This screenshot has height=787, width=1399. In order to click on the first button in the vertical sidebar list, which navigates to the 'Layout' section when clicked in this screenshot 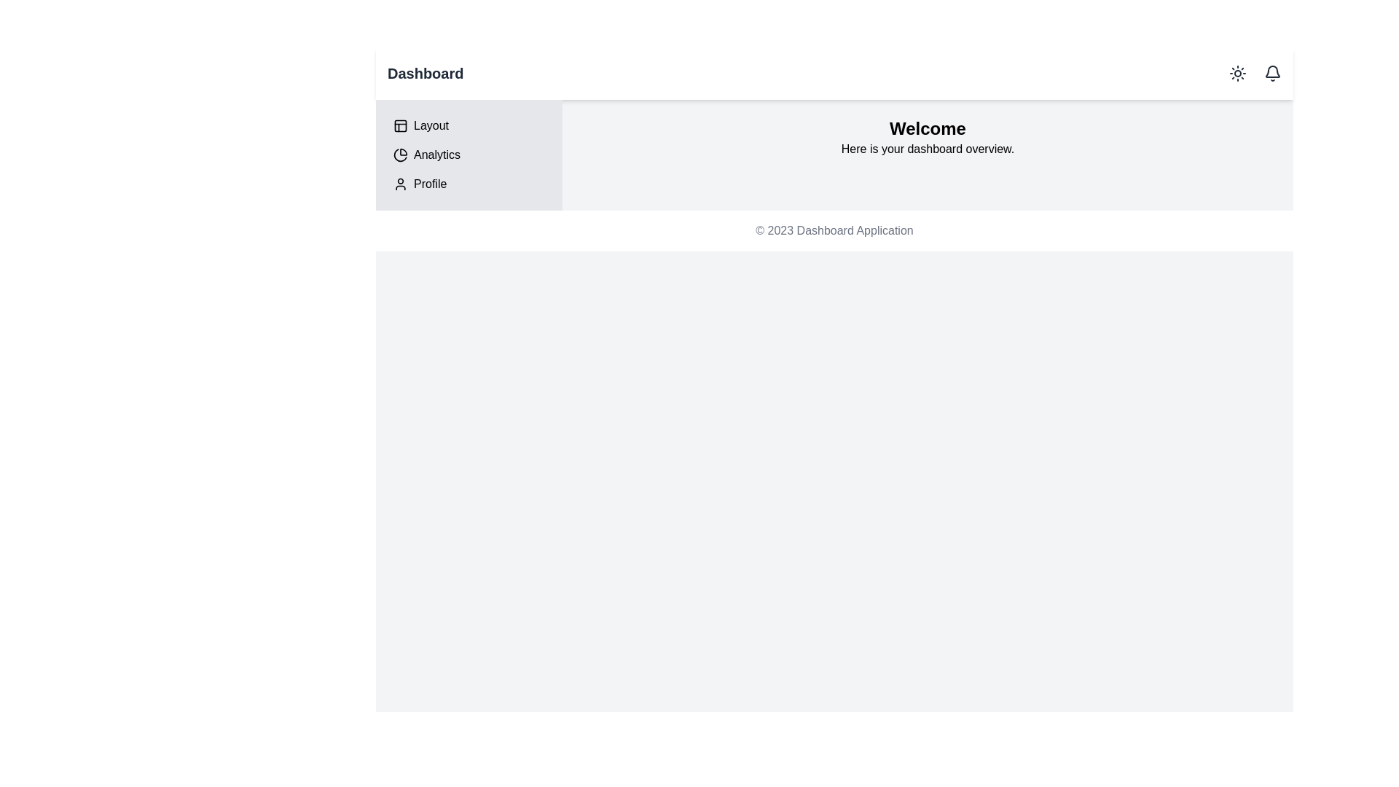, I will do `click(469, 125)`.